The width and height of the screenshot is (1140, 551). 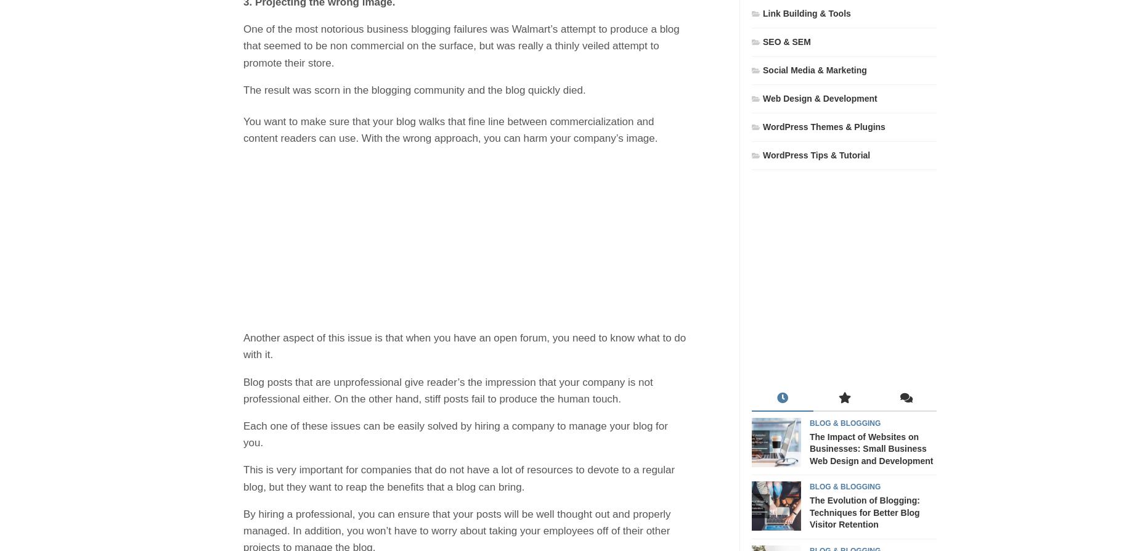 I want to click on 'Link Building & Tools', so click(x=806, y=13).